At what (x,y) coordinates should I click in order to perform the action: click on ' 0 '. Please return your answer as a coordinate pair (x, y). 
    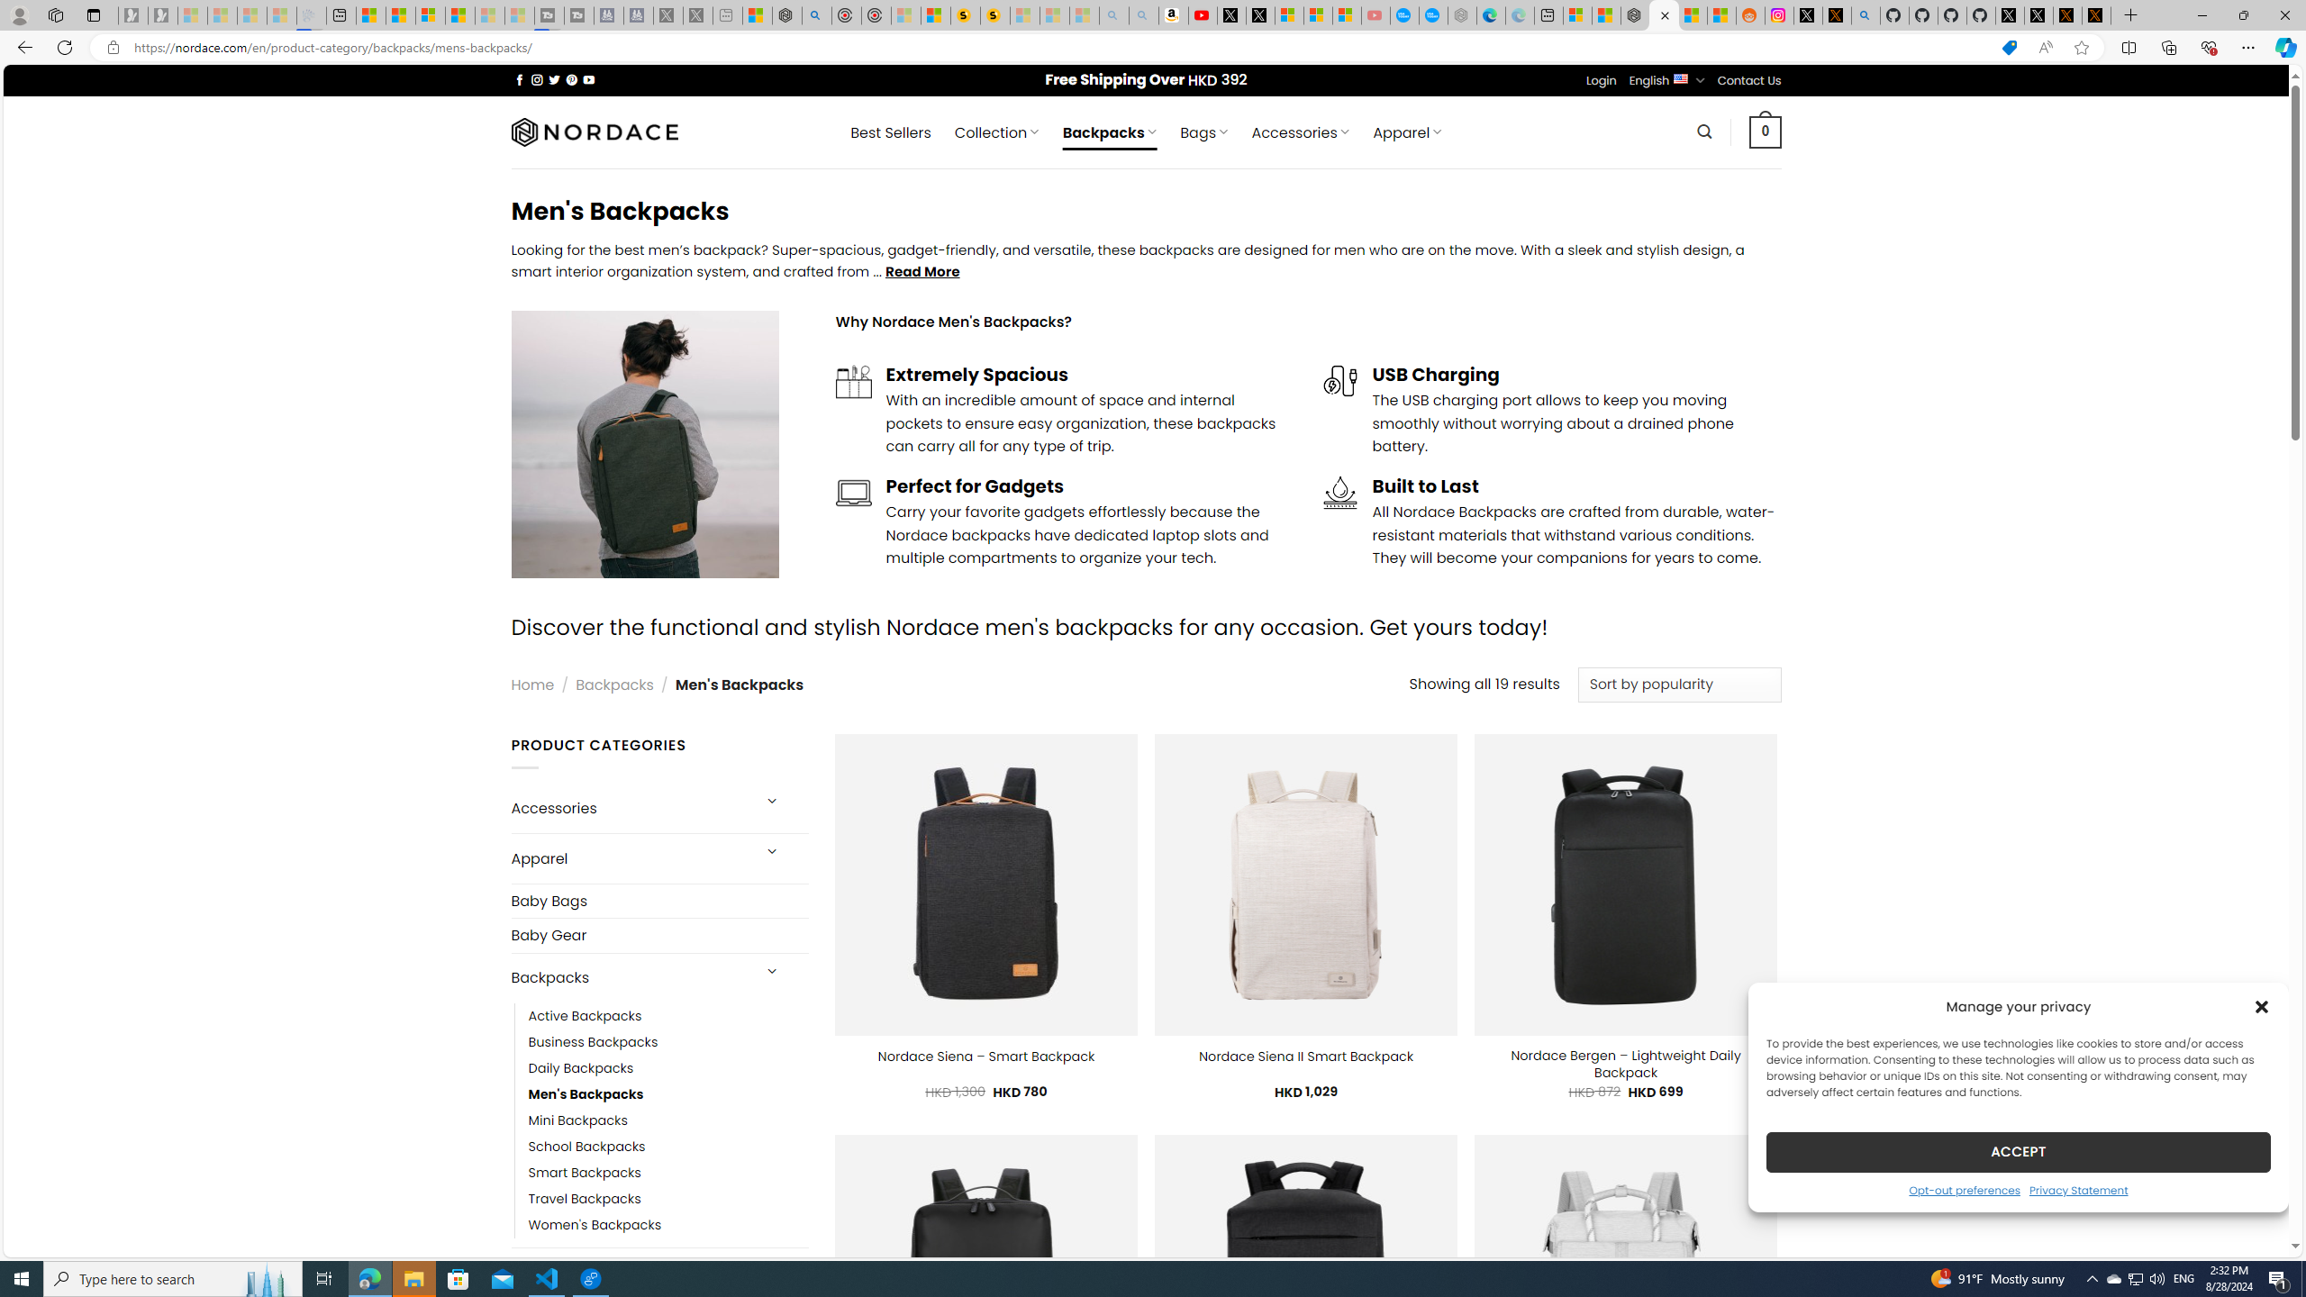
    Looking at the image, I should click on (1766, 131).